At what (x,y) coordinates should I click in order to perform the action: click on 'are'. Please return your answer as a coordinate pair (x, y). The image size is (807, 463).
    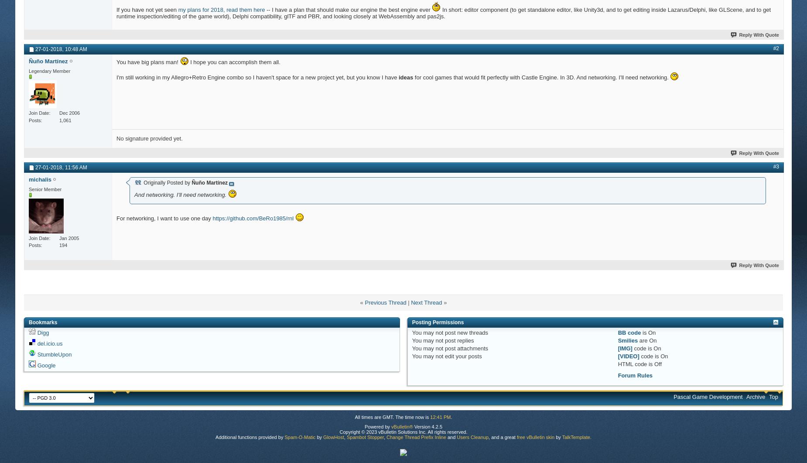
    Looking at the image, I should click on (643, 340).